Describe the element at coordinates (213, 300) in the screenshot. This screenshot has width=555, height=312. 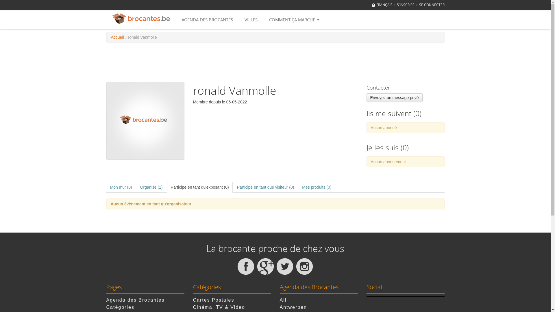
I see `'Cartes Postales'` at that location.